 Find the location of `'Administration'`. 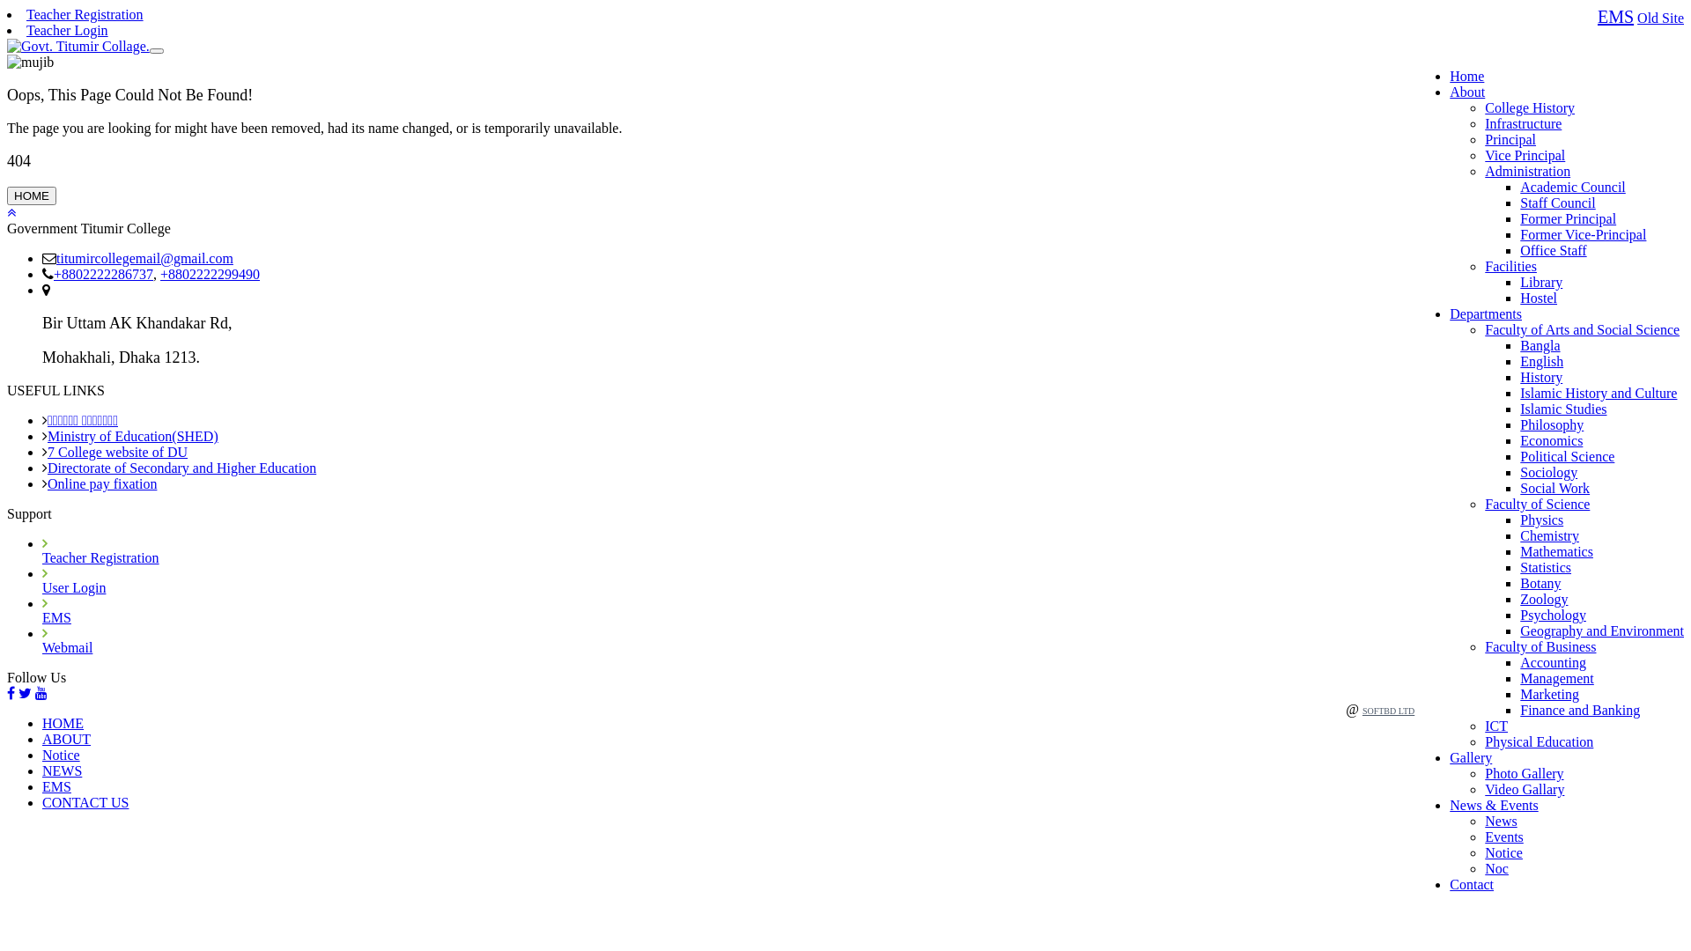

'Administration' is located at coordinates (1483, 171).